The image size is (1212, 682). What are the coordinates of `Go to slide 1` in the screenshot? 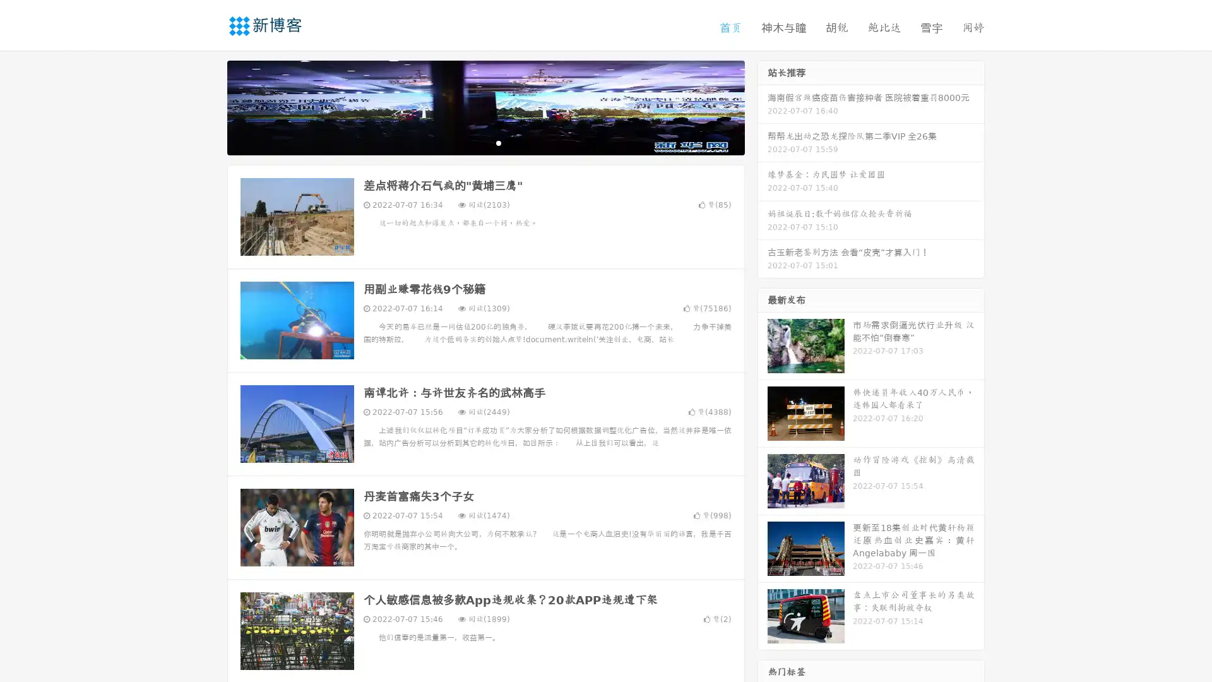 It's located at (472, 142).